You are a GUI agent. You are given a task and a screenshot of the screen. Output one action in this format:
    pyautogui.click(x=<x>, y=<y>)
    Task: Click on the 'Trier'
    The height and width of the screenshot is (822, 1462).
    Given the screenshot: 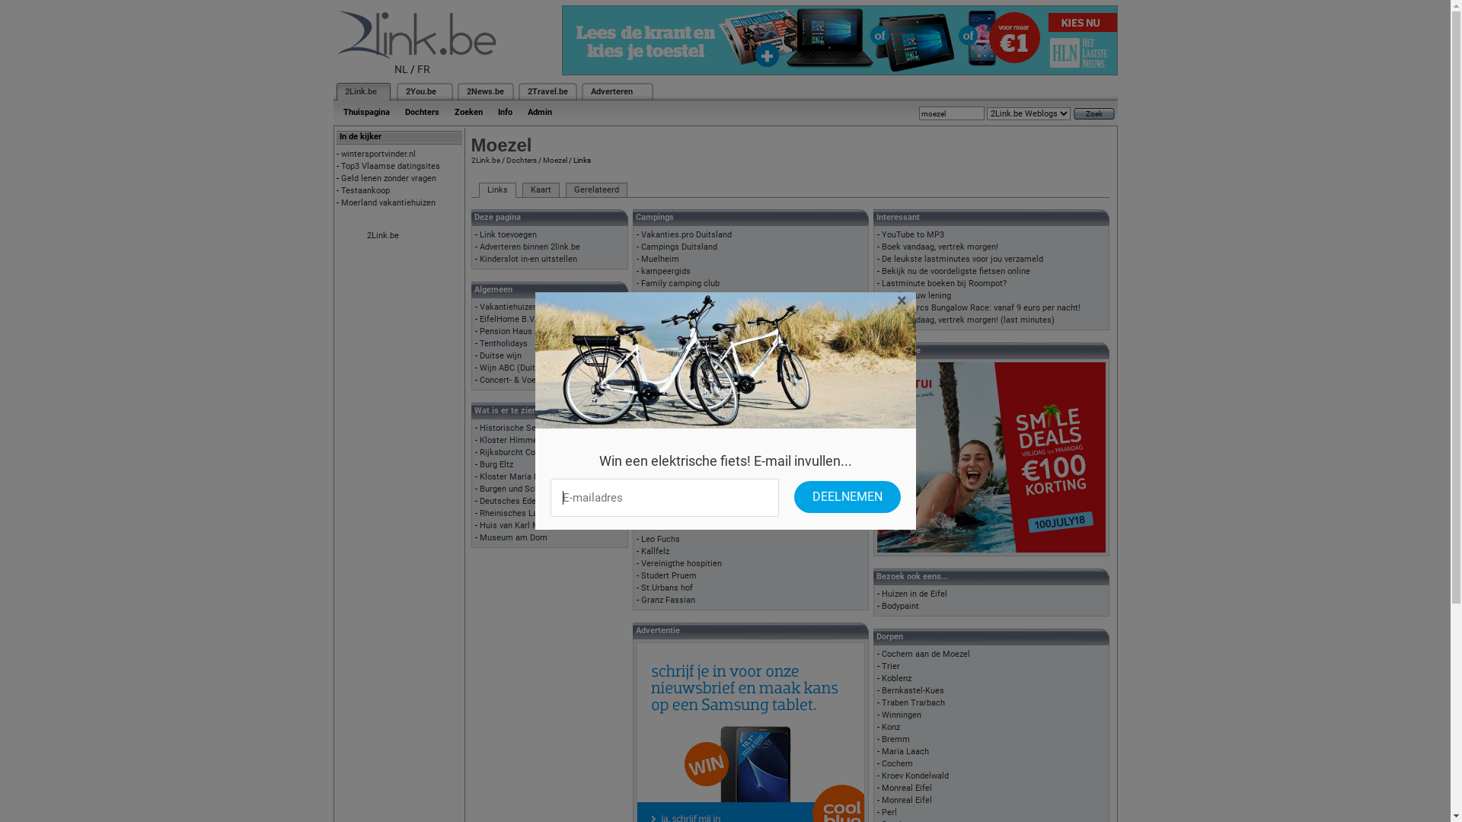 What is the action you would take?
    pyautogui.click(x=881, y=665)
    